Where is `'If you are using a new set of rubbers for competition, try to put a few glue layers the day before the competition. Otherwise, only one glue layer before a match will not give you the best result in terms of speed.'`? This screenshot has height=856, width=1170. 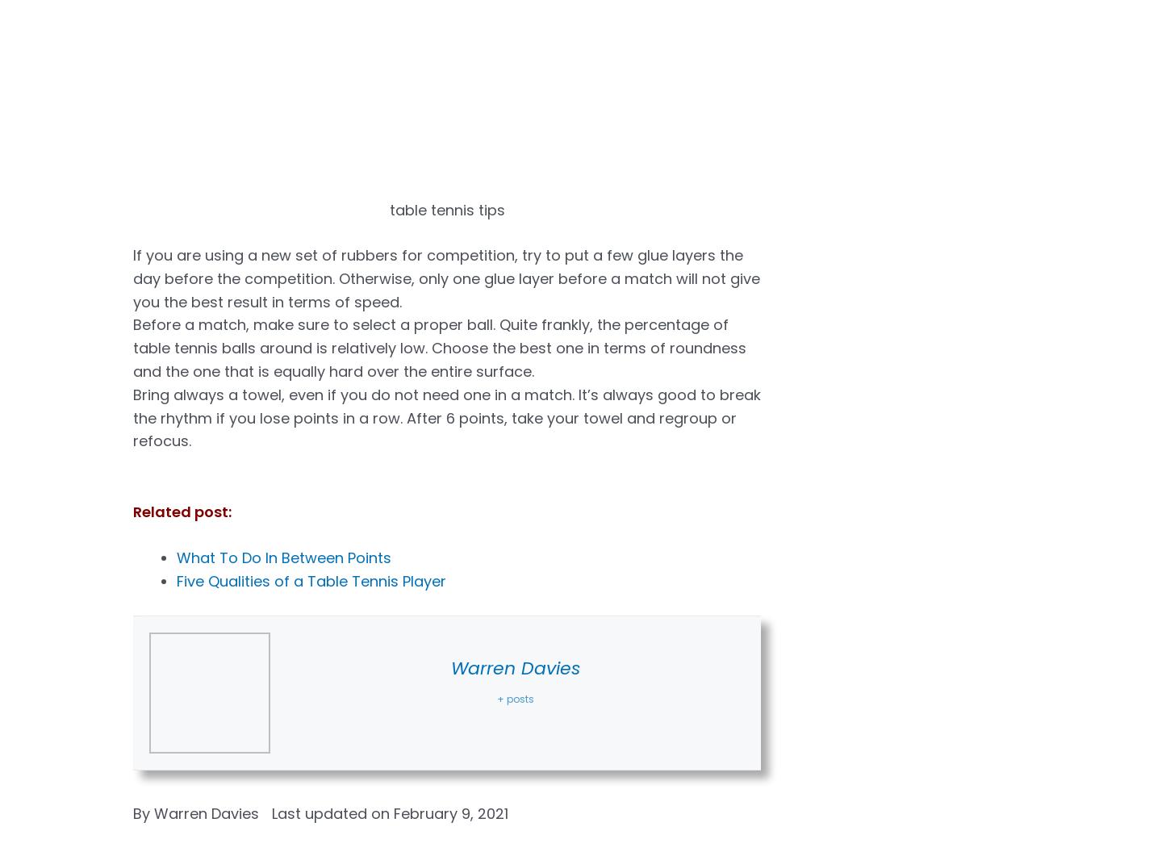
'If you are using a new set of rubbers for competition, try to put a few glue layers the day before the competition. Otherwise, only one glue layer before a match will not give you the best result in terms of speed.' is located at coordinates (446, 278).